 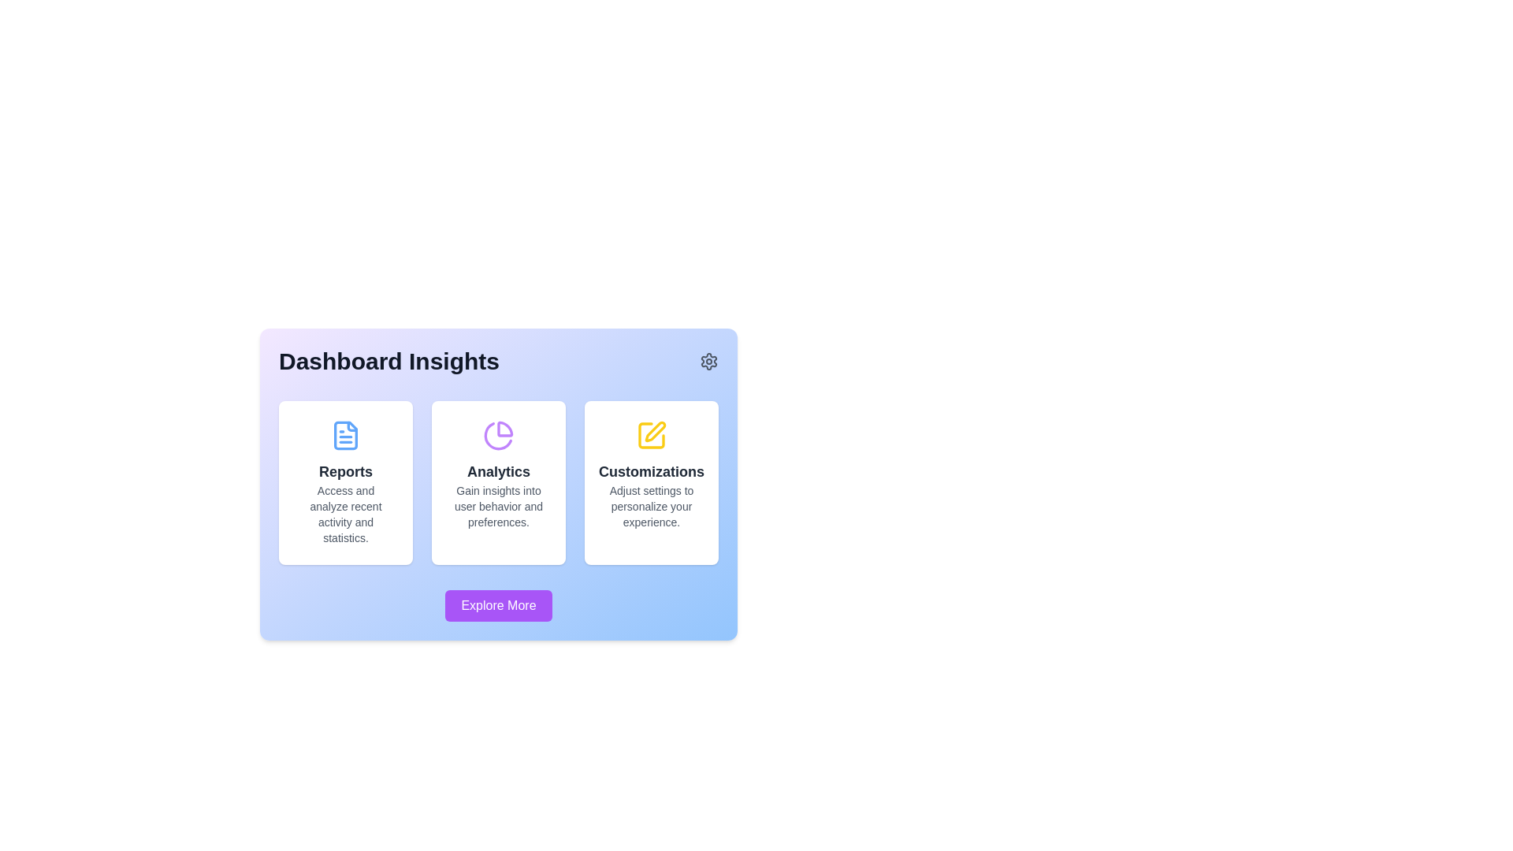 I want to click on the gear icon button in the top-right section of the 'Dashboard Insights' interface, so click(x=708, y=362).